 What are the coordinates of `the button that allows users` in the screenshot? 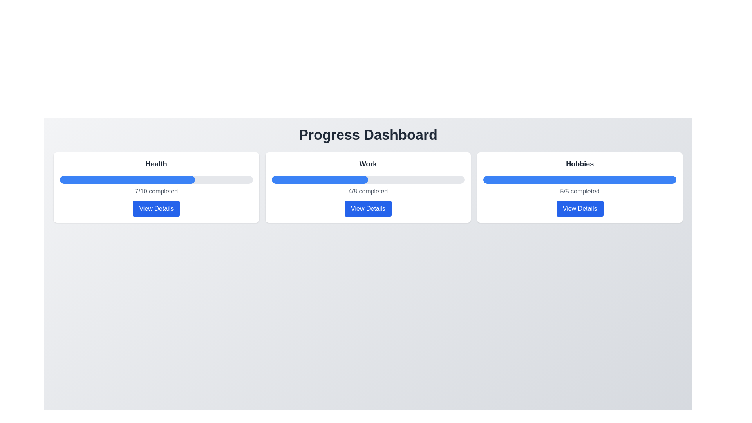 It's located at (368, 208).